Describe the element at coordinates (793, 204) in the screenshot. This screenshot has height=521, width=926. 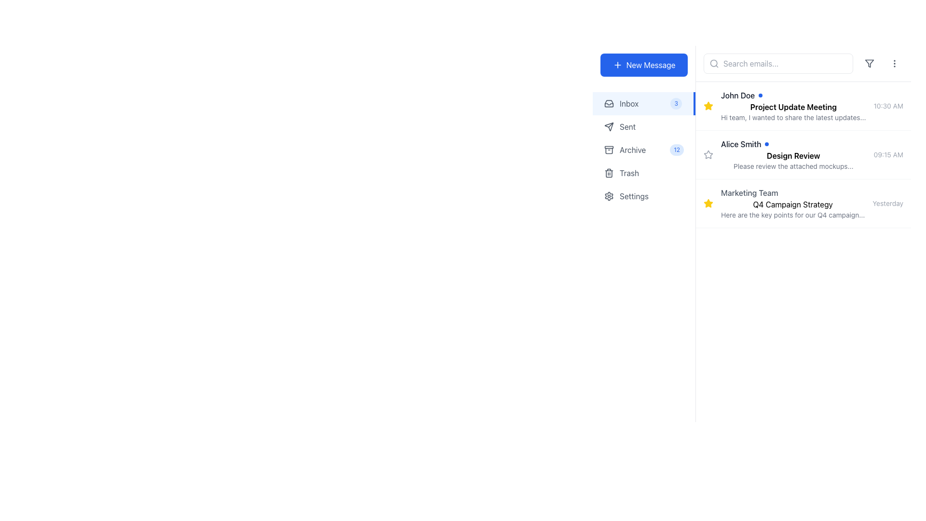
I see `the text label reading 'Q4 Campaign Strategy'` at that location.